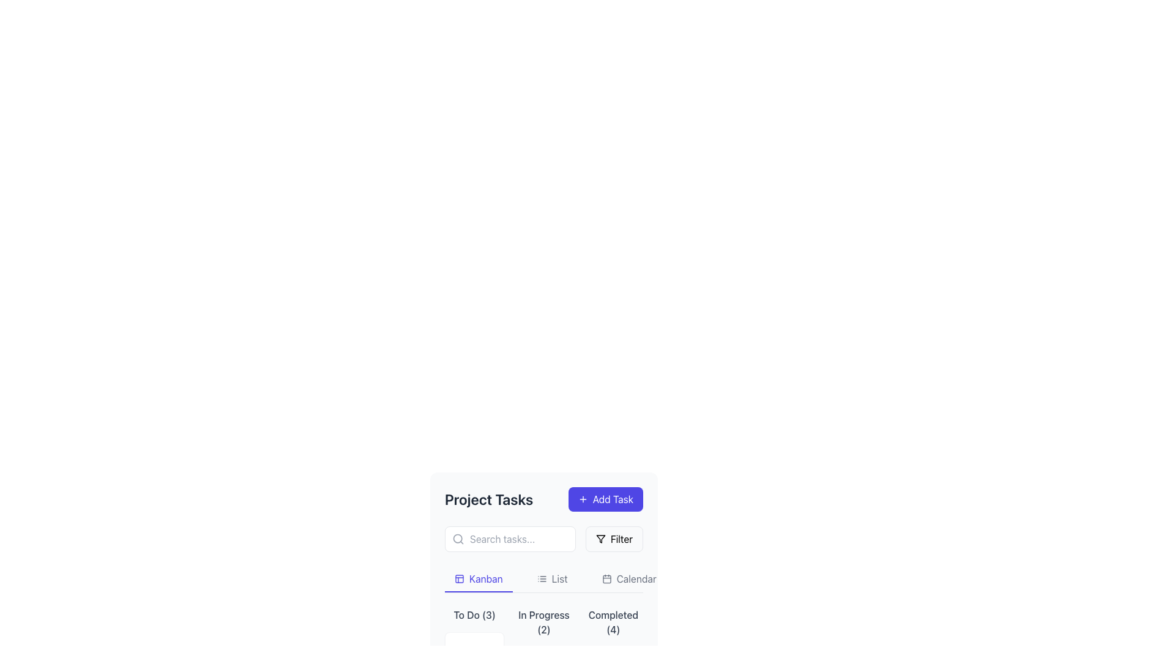 The image size is (1175, 661). What do you see at coordinates (613, 622) in the screenshot?
I see `the 'Completed' text label indicating 4 tasks, located in the lower right portion of the interface within the task statuses section` at bounding box center [613, 622].